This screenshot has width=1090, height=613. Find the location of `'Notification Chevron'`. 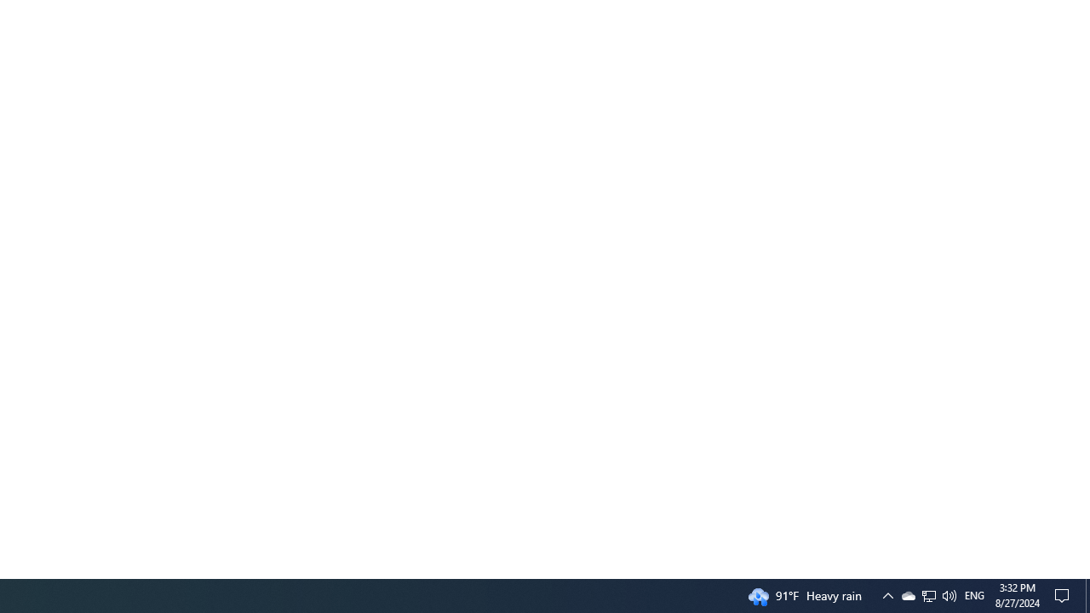

'Notification Chevron' is located at coordinates (928, 594).